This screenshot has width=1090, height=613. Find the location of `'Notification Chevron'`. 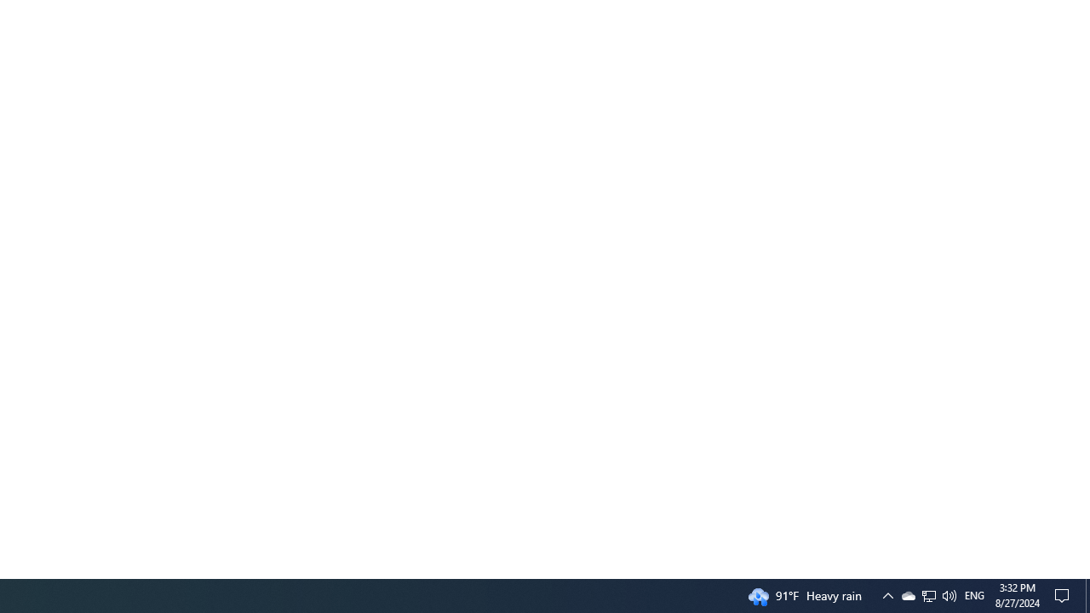

'Notification Chevron' is located at coordinates (928, 594).